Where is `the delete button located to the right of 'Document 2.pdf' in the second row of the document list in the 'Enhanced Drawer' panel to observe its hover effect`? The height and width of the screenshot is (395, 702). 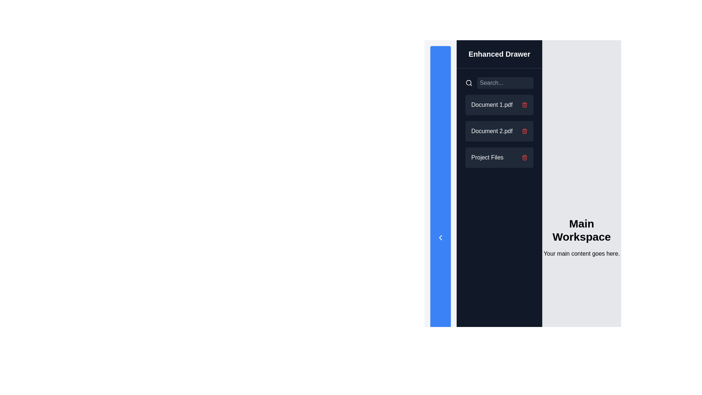
the delete button located to the right of 'Document 2.pdf' in the second row of the document list in the 'Enhanced Drawer' panel to observe its hover effect is located at coordinates (524, 131).